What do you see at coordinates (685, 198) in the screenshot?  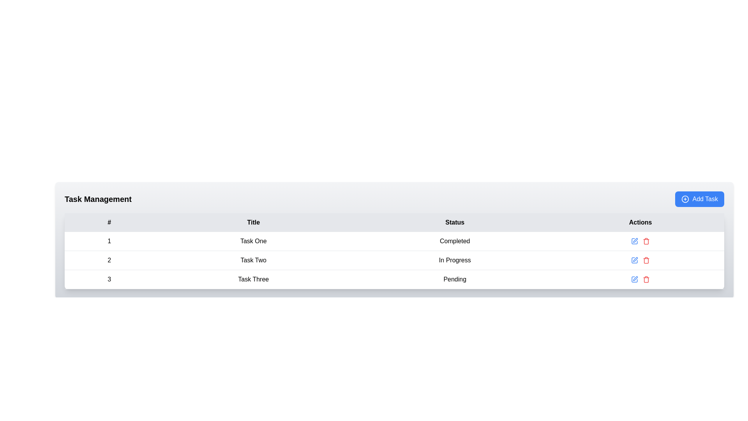 I see `the SVG Circle icon within the 'Add Task' button located in the top-right corner of the table interface` at bounding box center [685, 198].